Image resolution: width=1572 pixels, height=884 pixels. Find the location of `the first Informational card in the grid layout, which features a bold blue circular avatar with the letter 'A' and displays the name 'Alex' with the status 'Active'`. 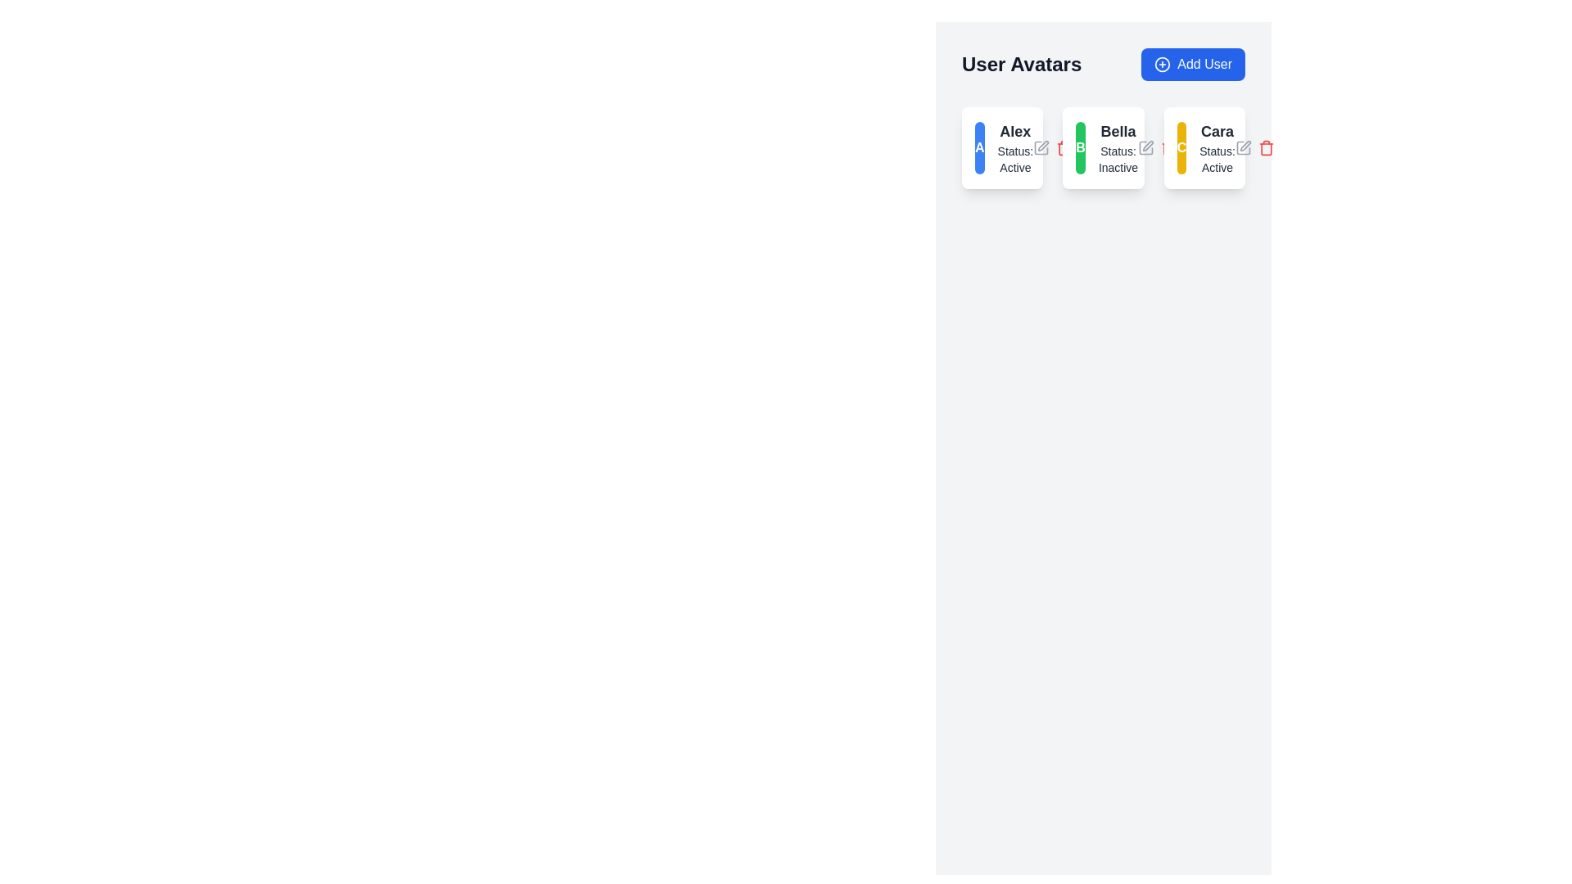

the first Informational card in the grid layout, which features a bold blue circular avatar with the letter 'A' and displays the name 'Alex' with the status 'Active' is located at coordinates (1001, 148).